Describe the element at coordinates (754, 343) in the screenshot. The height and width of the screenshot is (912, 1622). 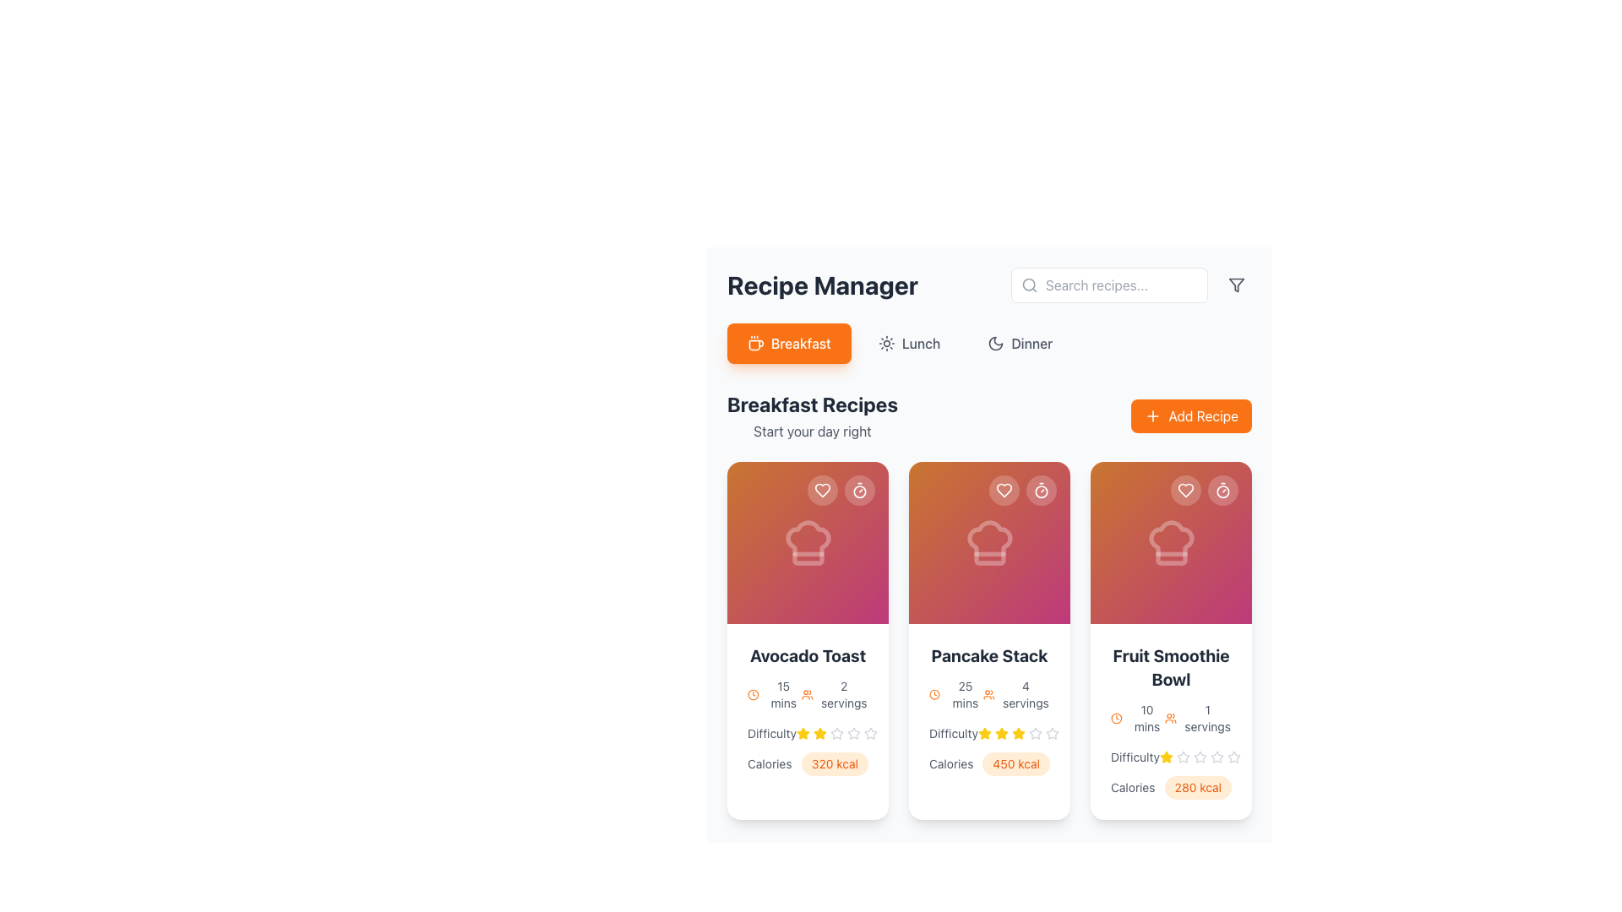
I see `the coffee cup icon within the orange 'Breakfast' button` at that location.